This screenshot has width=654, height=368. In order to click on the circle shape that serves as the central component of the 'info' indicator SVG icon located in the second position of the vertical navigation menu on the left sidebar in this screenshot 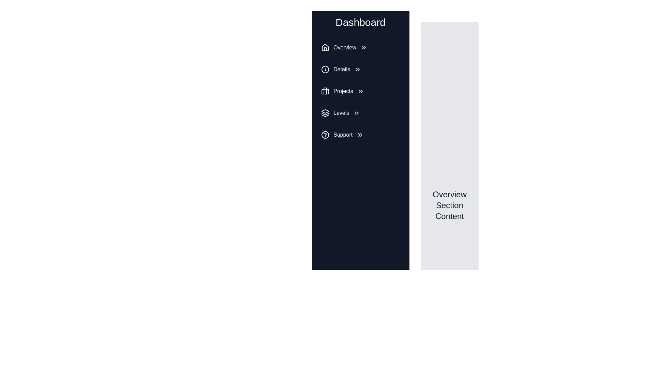, I will do `click(325, 70)`.